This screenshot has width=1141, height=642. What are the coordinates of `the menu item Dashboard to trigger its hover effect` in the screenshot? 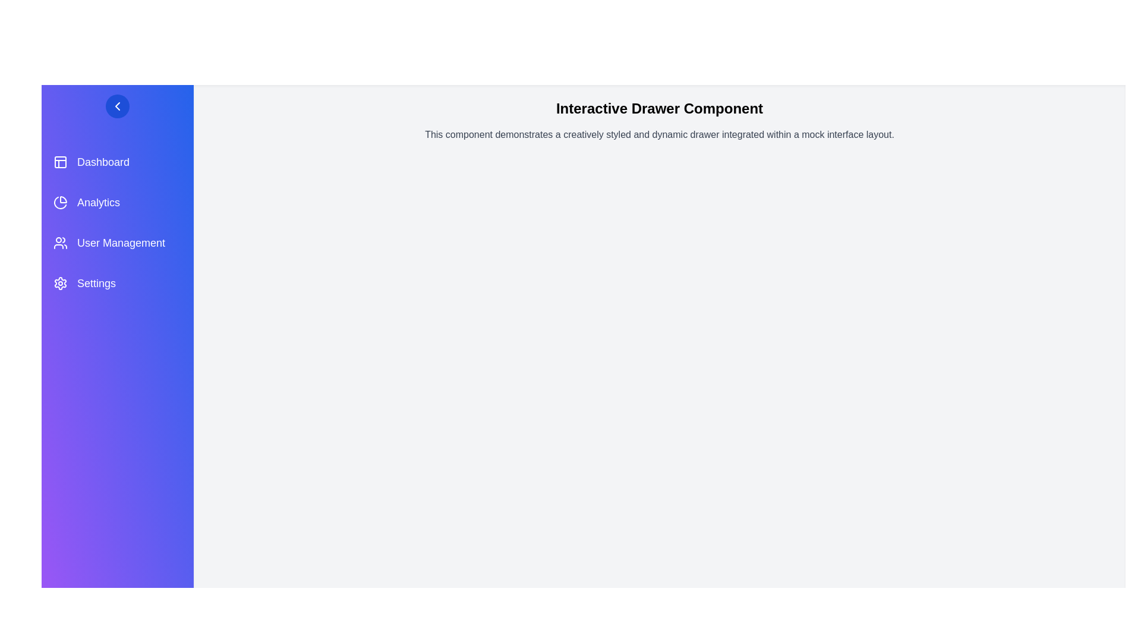 It's located at (117, 162).